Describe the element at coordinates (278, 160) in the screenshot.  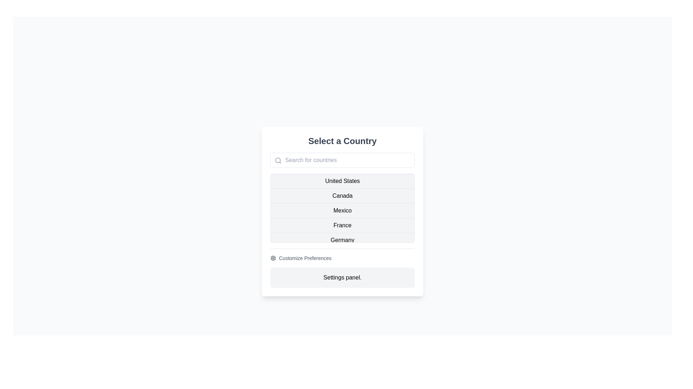
I see `circular graphical shape of the magnifying glass icon located in the top-left corner of the search input box labeled 'Select a Country' for development purposes` at that location.